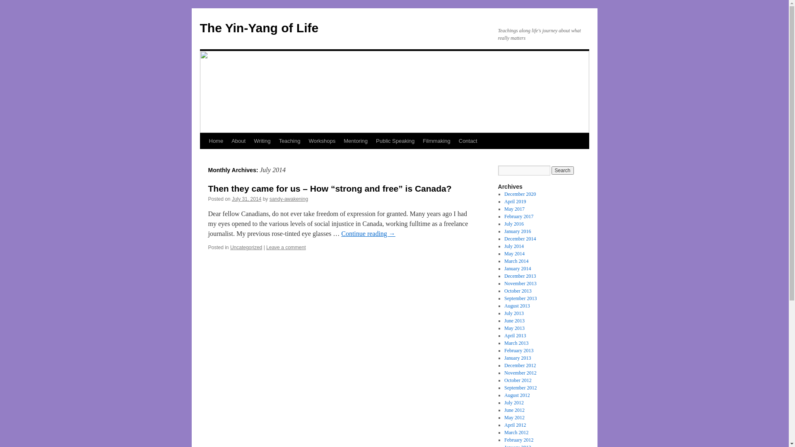  I want to click on 'April 2013', so click(514, 335).